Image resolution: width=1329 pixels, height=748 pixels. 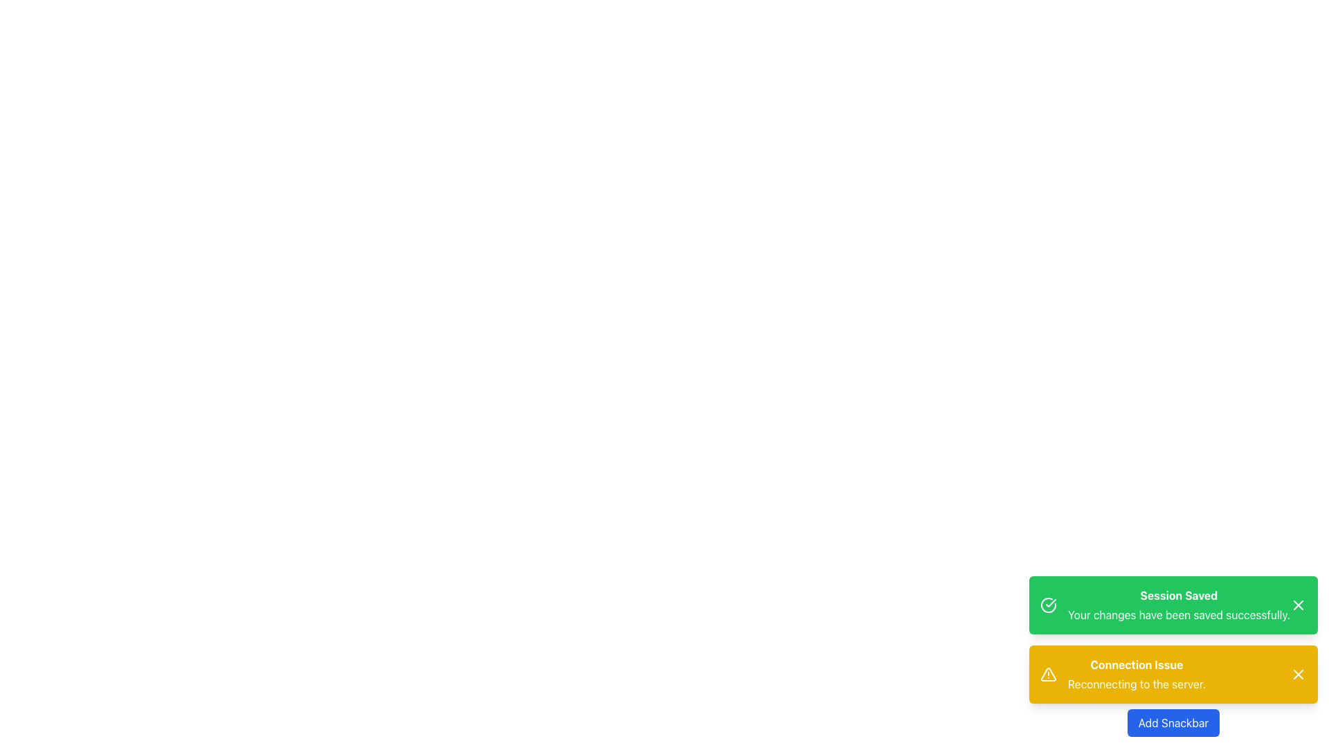 I want to click on the confirmation message indicating that changes have been successfully saved, which is centrally positioned beneath the title 'Session Saved' in a green notification box, so click(x=1178, y=614).